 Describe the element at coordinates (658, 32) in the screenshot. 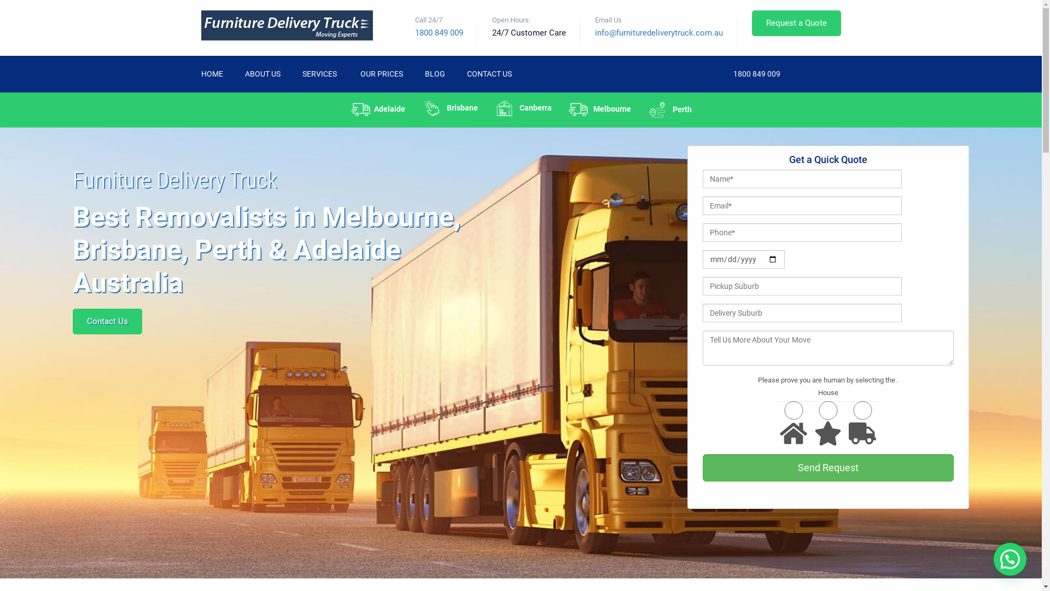

I see `'info@furnituredeliverytruck.com.au'` at that location.